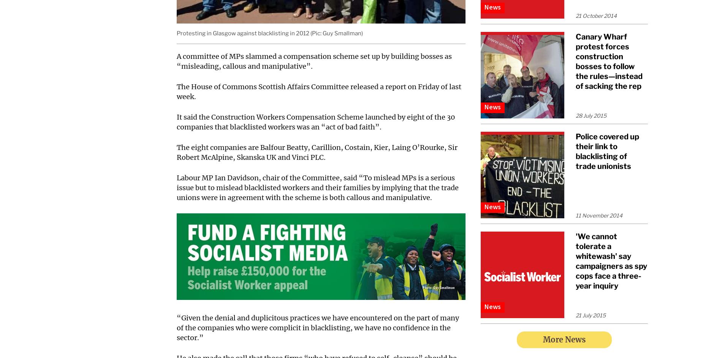  I want to click on 'A committee of MPs slammed a compensation scheme set up by building bosses as “misleading, callous and manipulative”.', so click(177, 61).